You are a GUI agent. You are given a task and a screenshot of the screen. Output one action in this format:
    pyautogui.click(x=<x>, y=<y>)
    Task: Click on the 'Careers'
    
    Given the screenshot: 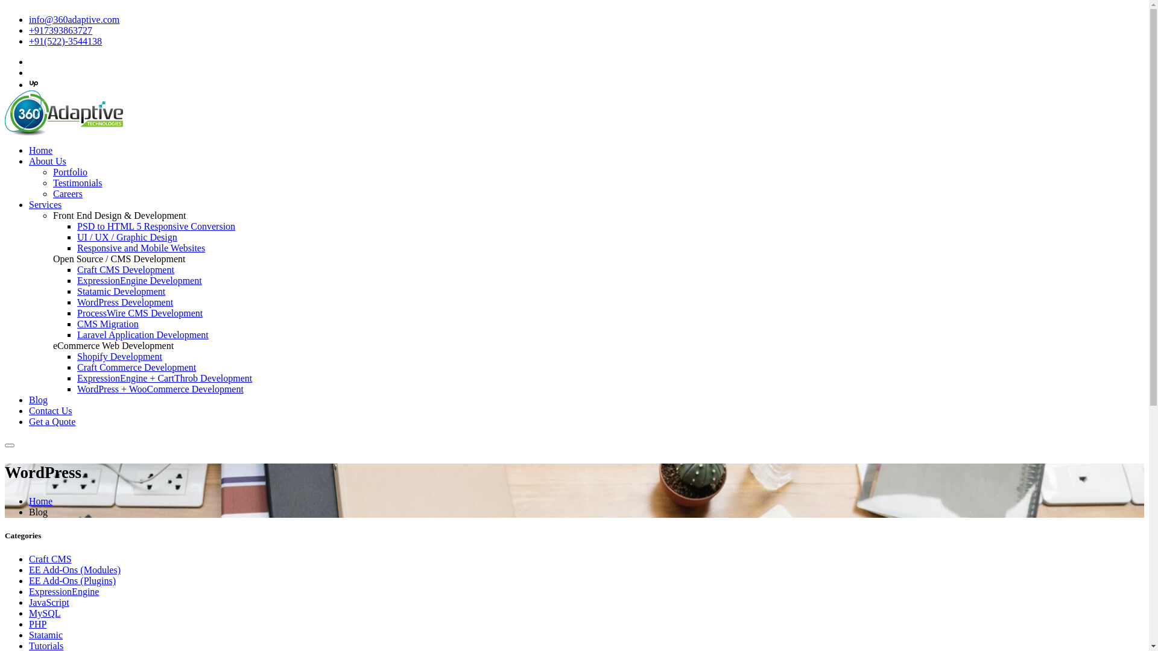 What is the action you would take?
    pyautogui.click(x=67, y=193)
    